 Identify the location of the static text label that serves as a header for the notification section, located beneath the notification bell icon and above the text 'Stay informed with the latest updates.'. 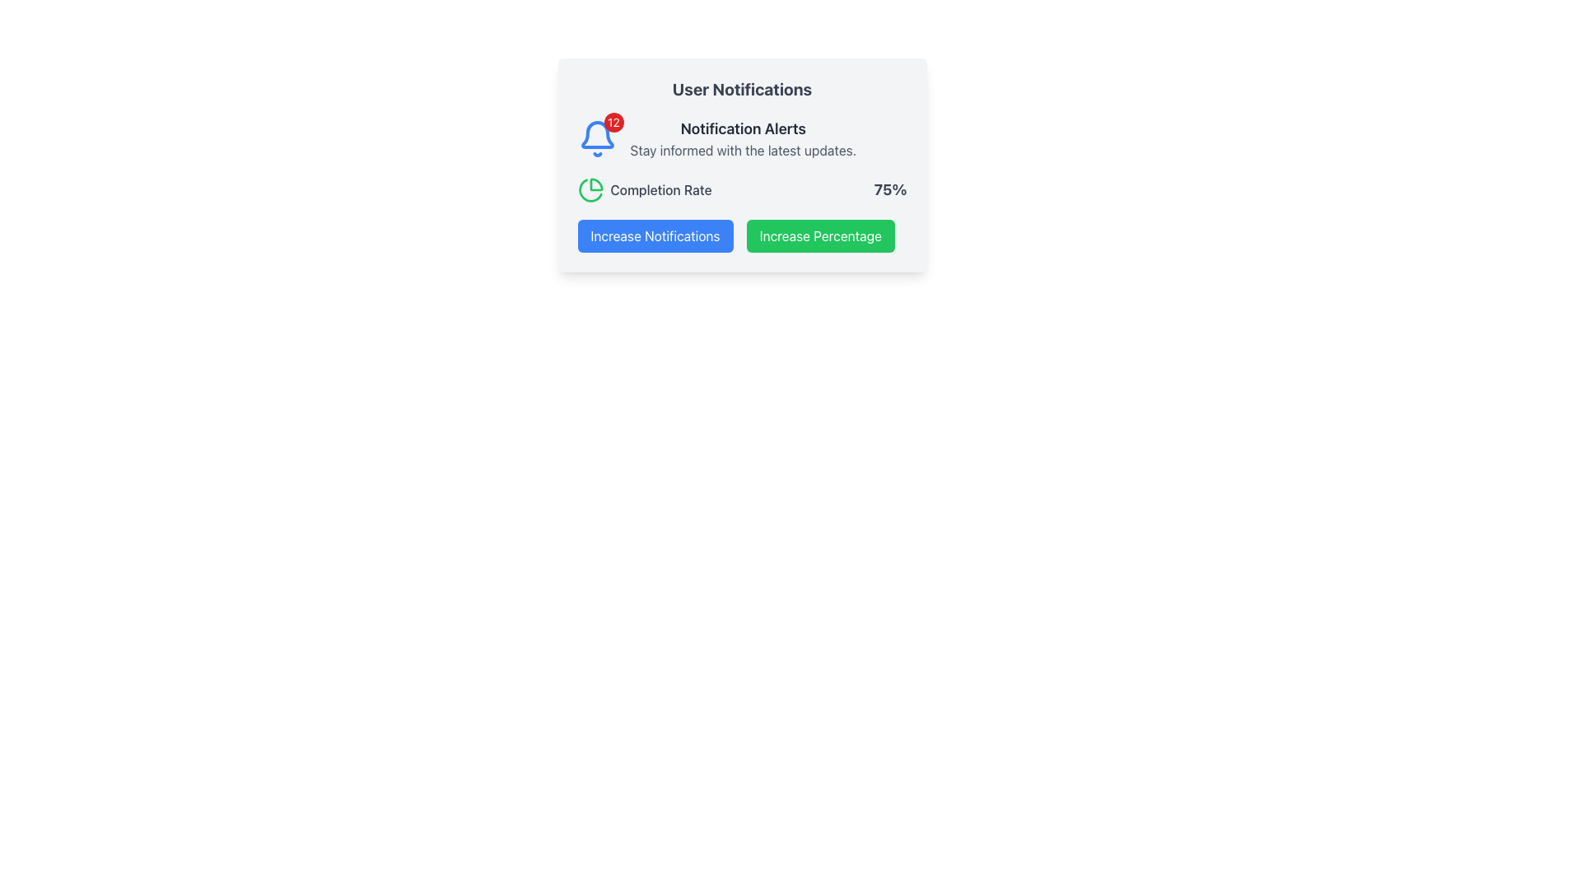
(742, 128).